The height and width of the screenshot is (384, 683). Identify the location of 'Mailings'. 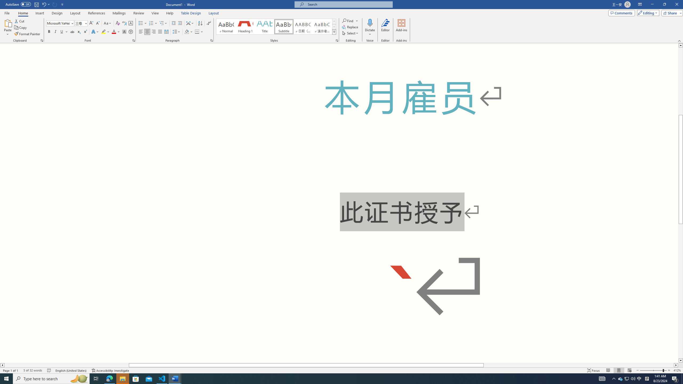
(119, 13).